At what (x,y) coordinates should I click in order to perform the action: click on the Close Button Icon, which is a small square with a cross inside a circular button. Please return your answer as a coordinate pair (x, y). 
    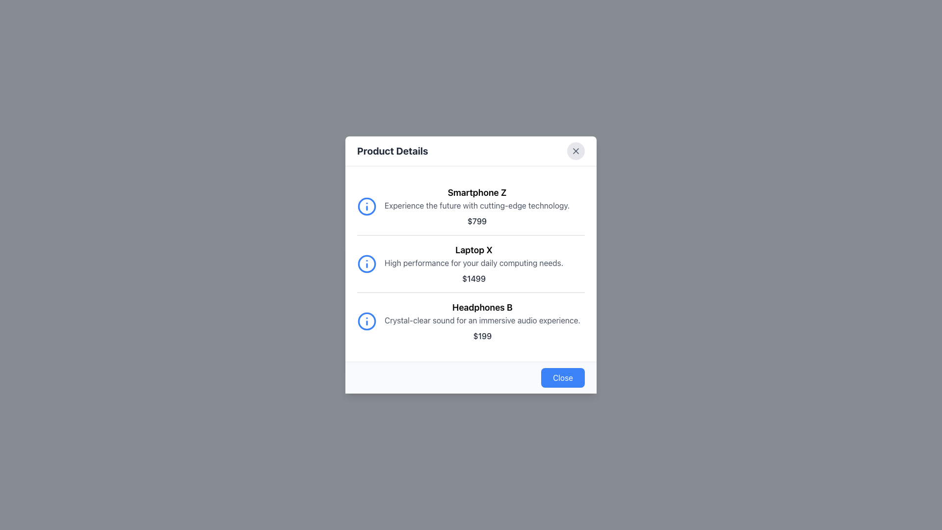
    Looking at the image, I should click on (576, 151).